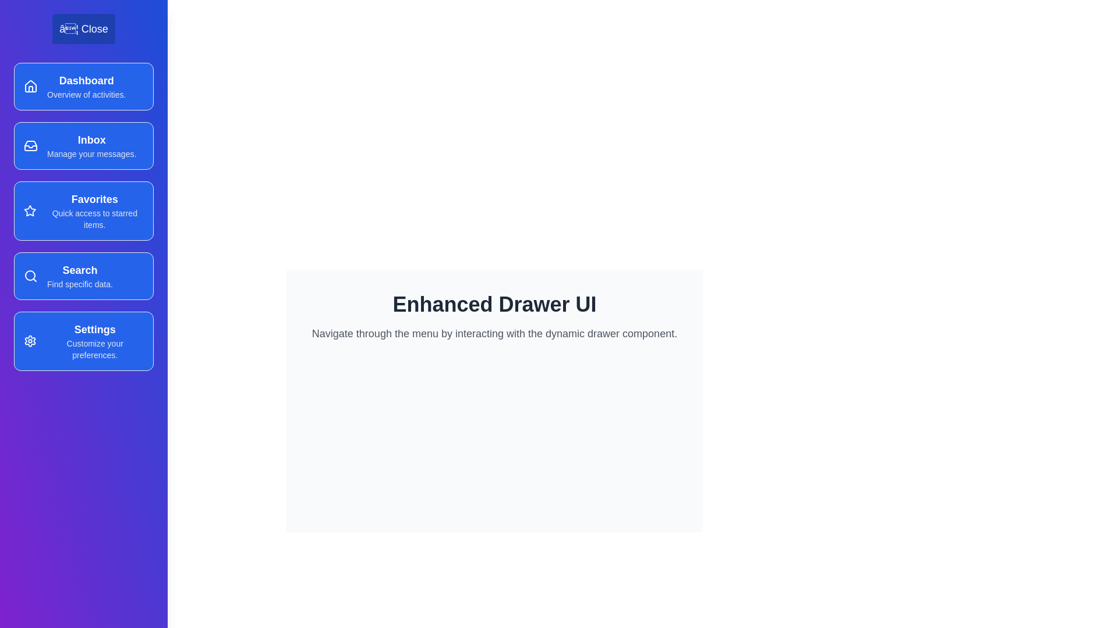 This screenshot has height=628, width=1118. I want to click on the menu item Favorites, so click(83, 210).